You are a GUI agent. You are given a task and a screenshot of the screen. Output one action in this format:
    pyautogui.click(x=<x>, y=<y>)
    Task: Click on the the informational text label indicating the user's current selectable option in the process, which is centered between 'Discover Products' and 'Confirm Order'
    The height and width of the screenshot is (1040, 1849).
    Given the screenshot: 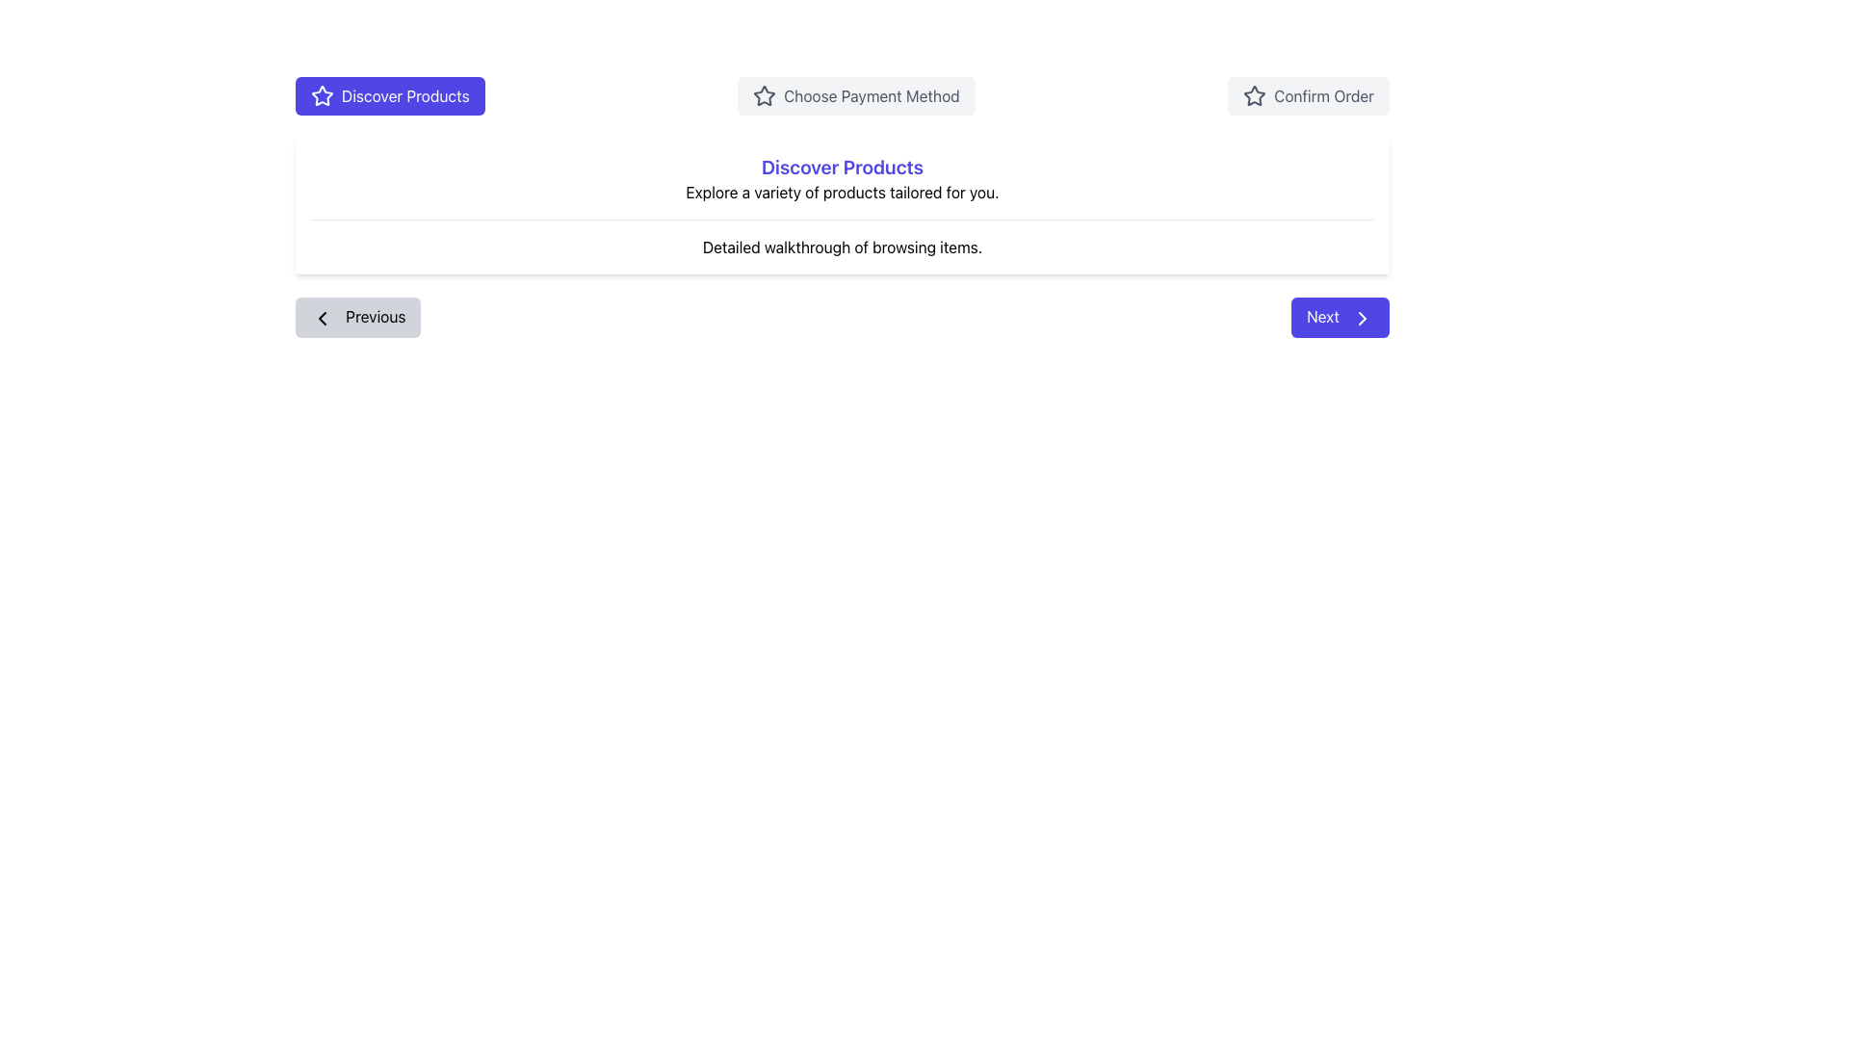 What is the action you would take?
    pyautogui.click(x=871, y=96)
    